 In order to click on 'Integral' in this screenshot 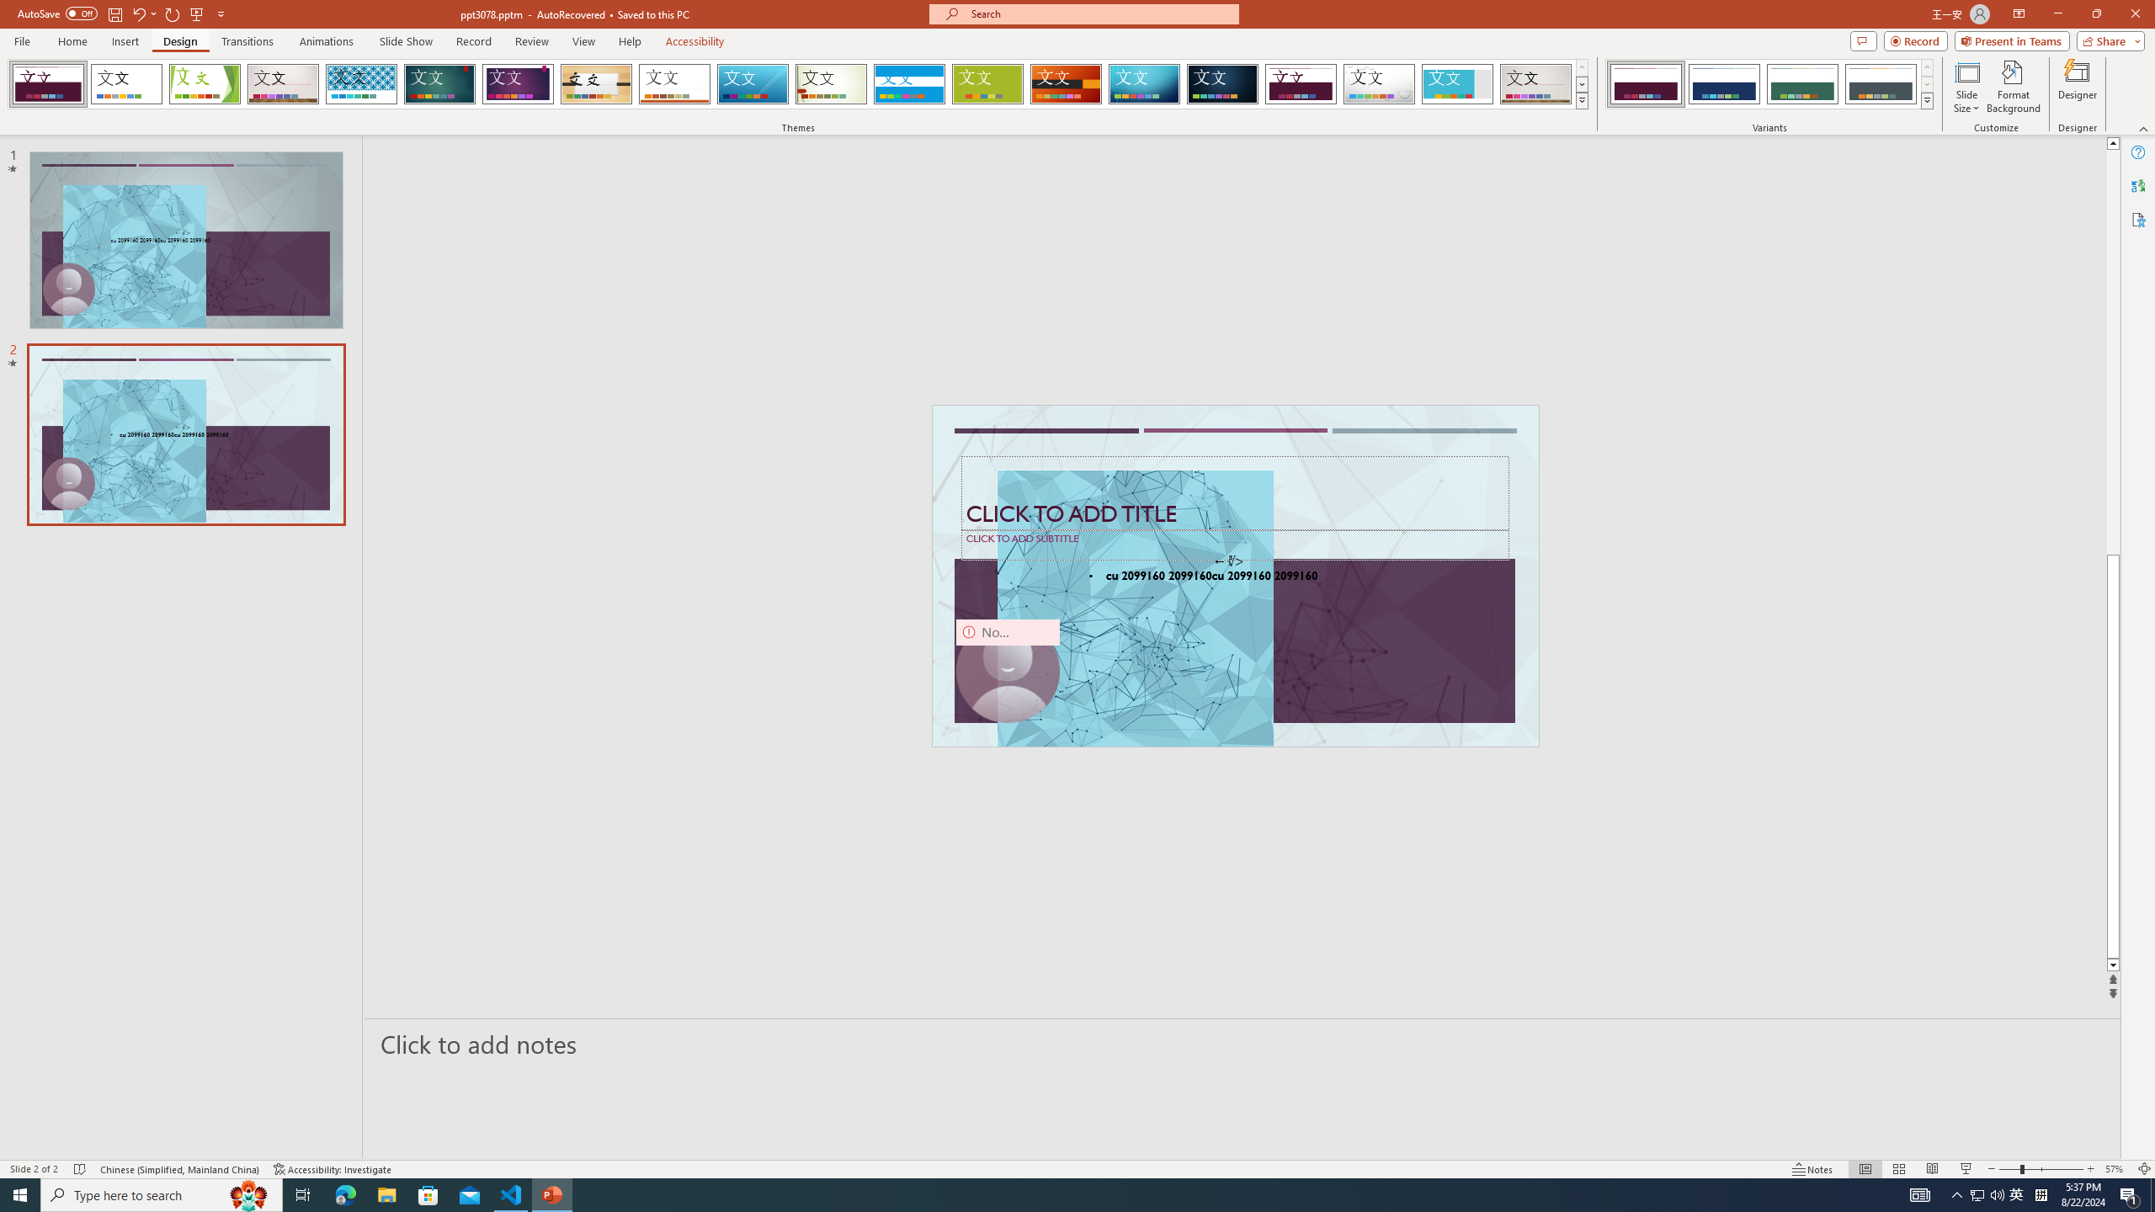, I will do `click(361, 83)`.